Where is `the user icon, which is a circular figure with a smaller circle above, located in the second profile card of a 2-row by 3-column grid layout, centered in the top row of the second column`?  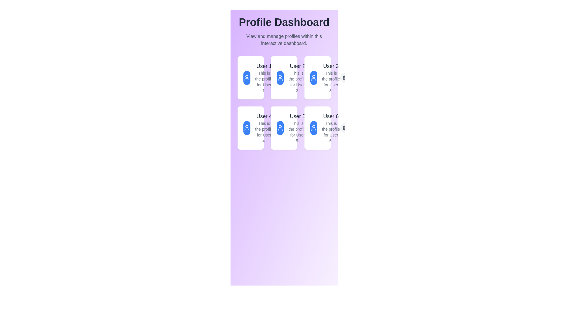 the user icon, which is a circular figure with a smaller circle above, located in the second profile card of a 2-row by 3-column grid layout, centered in the top row of the second column is located at coordinates (280, 77).